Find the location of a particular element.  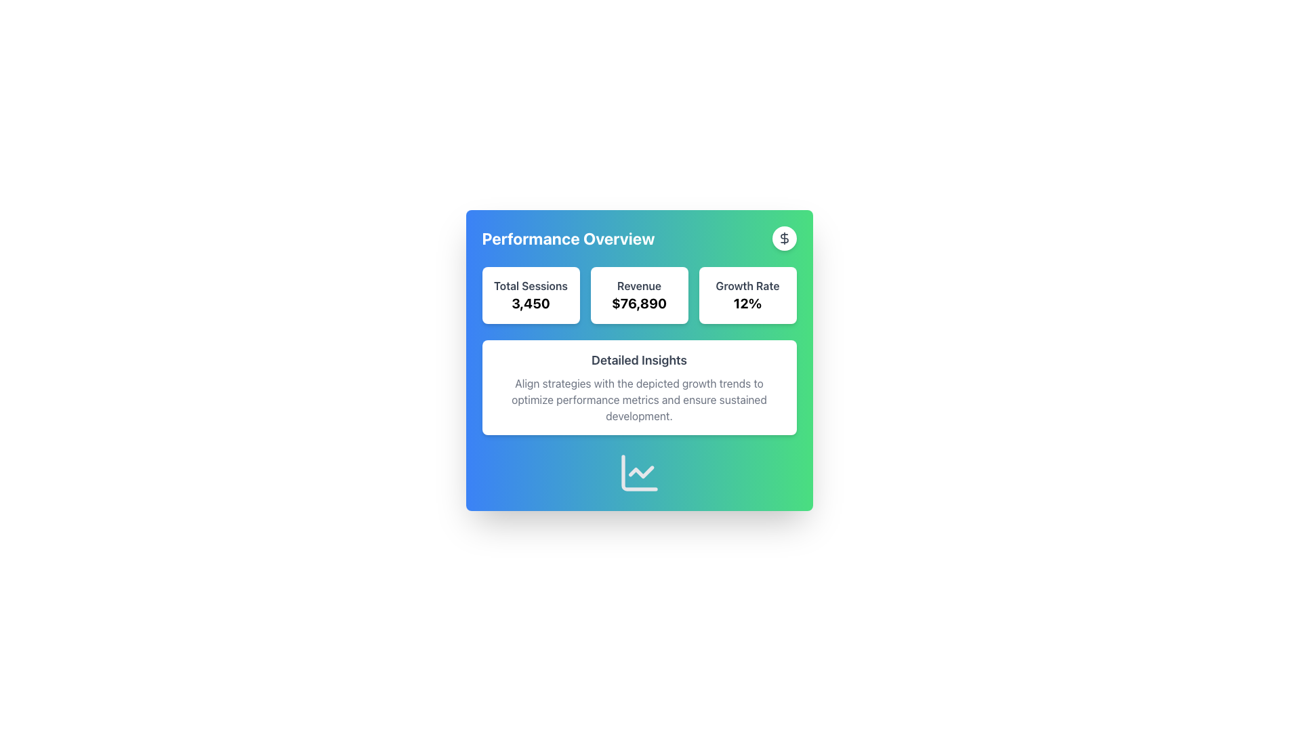

the Text Label that serves as a title or header for the content displayed in the card, located at the top-left of the card interface is located at coordinates (569, 237).